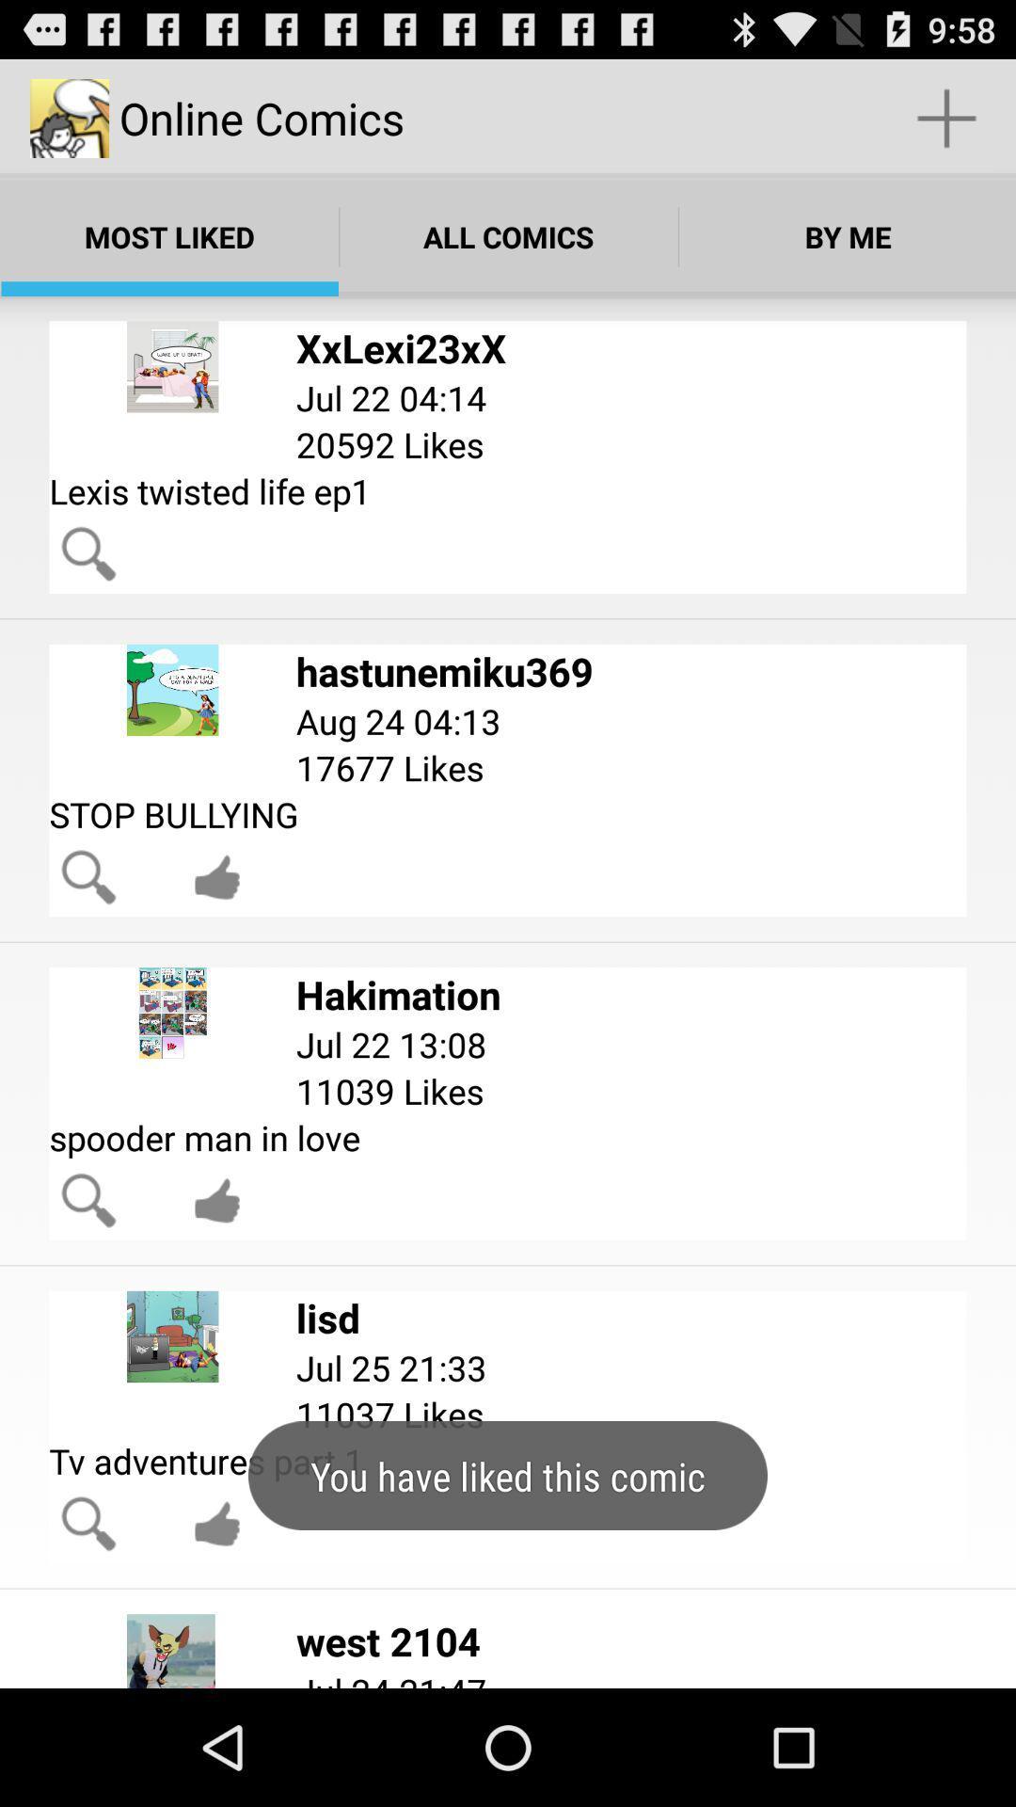  What do you see at coordinates (88, 876) in the screenshot?
I see `search option` at bounding box center [88, 876].